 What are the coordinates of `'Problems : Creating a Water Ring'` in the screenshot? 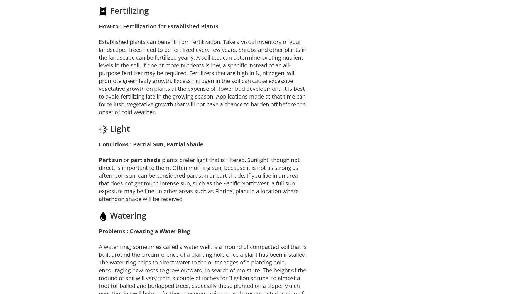 It's located at (144, 231).